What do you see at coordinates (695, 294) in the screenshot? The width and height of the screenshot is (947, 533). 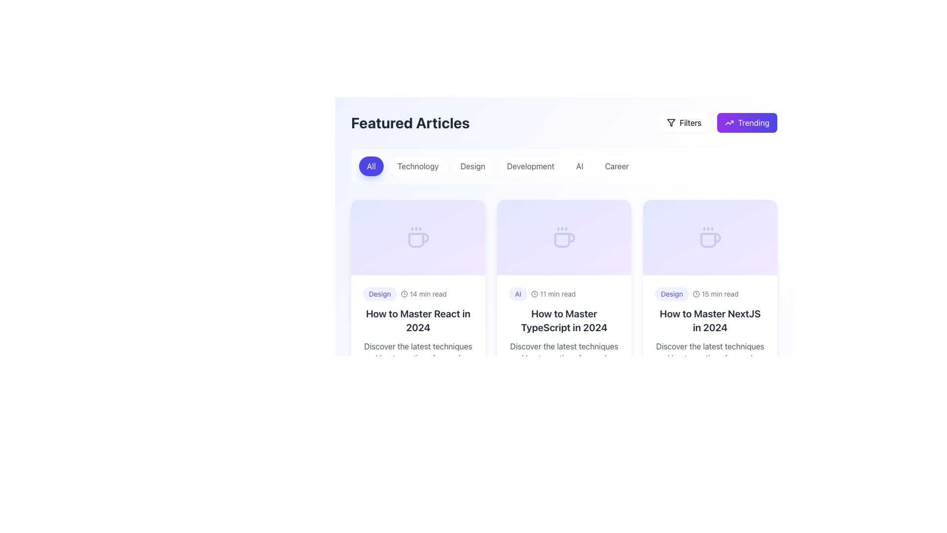 I see `the clock-shaped icon with a minimalistic gray design located at the beginning of the '15 min read' text block in the third column of the featured articles section under the article card for 'How to Master NextJS in 2024'` at bounding box center [695, 294].